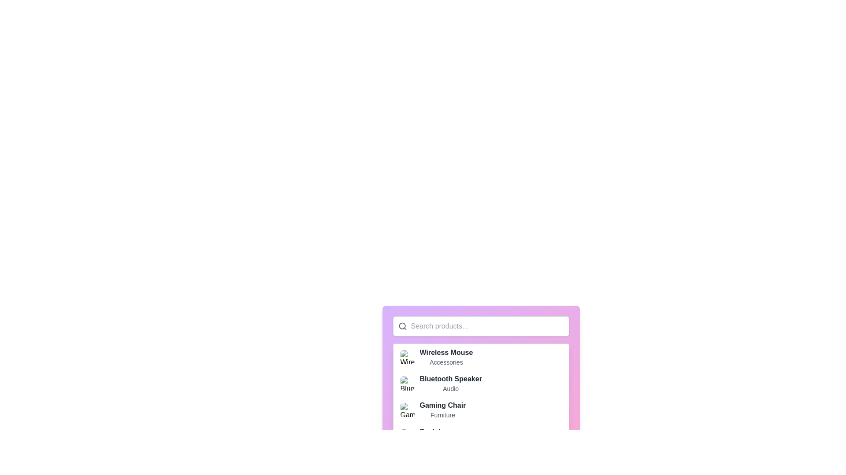 The image size is (846, 475). I want to click on the static text label indicating 'Accessories' below the bold title 'Wireless Mouse', which is part of a product list near the top left of the layout, so click(446, 362).